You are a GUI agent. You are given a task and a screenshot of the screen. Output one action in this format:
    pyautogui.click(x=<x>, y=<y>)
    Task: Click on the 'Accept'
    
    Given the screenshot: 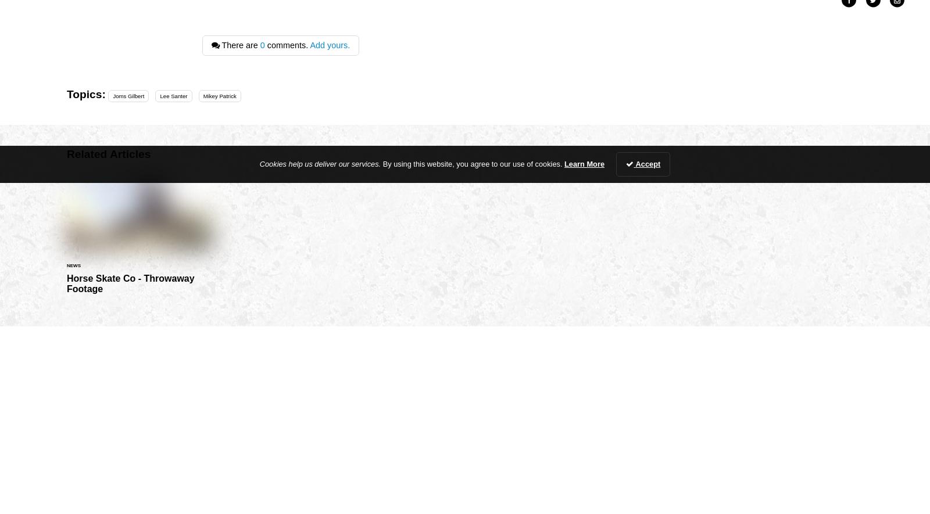 What is the action you would take?
    pyautogui.click(x=648, y=163)
    